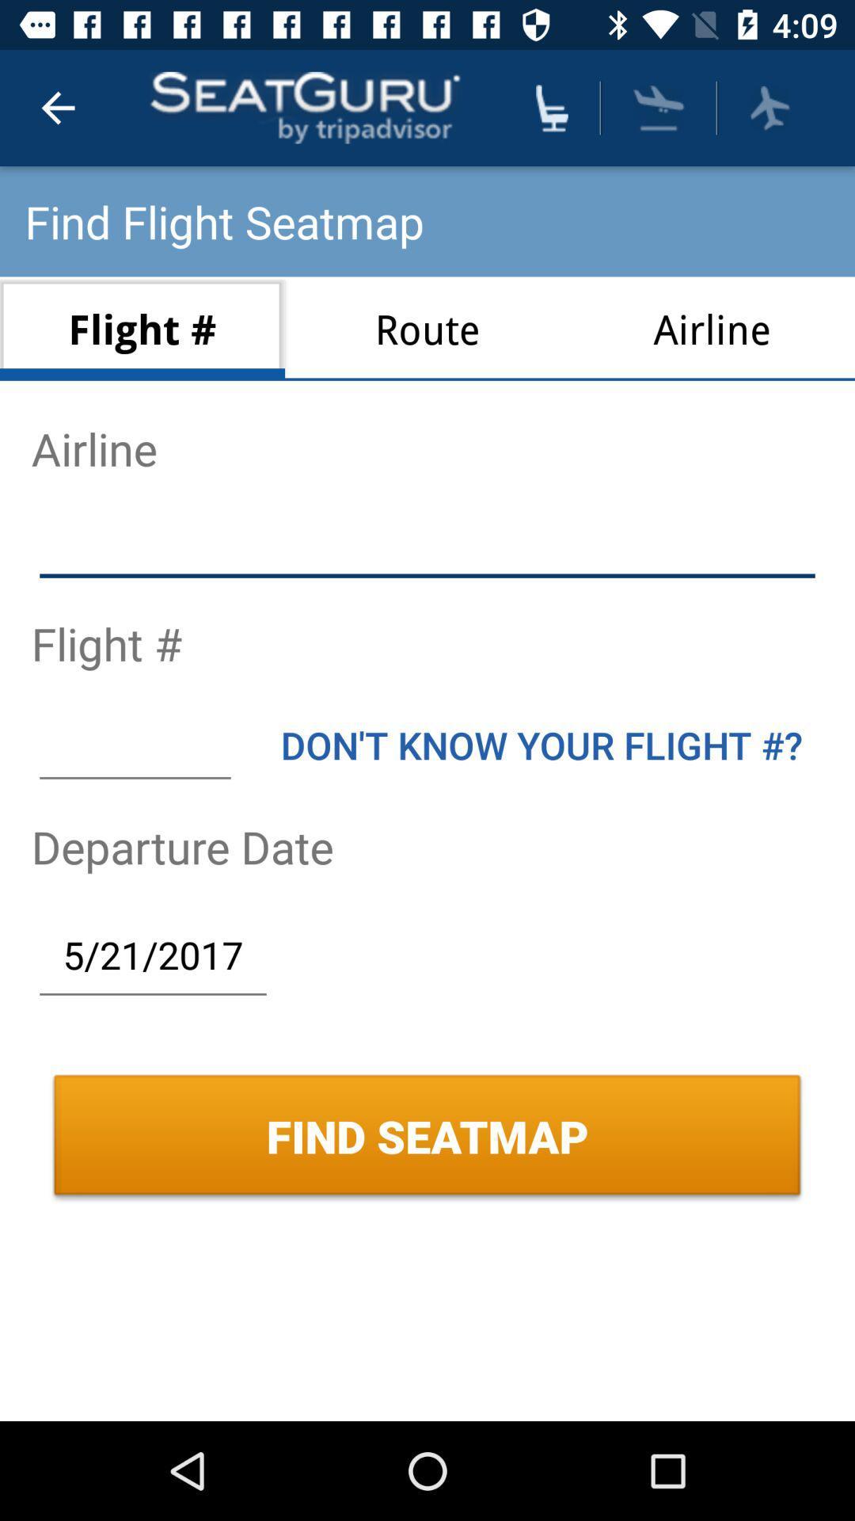 This screenshot has height=1521, width=855. What do you see at coordinates (134, 744) in the screenshot?
I see `item above the departure date icon` at bounding box center [134, 744].